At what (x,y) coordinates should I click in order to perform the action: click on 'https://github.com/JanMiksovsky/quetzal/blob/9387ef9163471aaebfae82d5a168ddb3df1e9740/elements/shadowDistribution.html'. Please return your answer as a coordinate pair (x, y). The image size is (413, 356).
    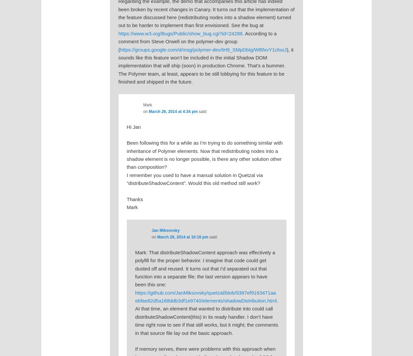
    Looking at the image, I should click on (135, 296).